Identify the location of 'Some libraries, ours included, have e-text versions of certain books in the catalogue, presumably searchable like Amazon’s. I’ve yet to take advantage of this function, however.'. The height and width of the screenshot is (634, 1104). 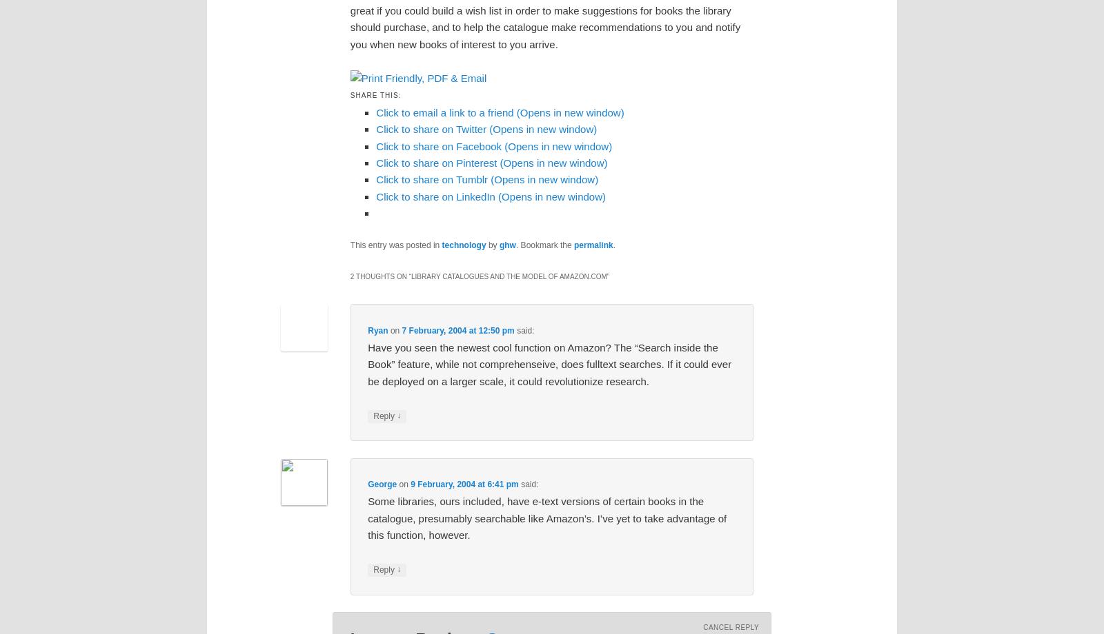
(546, 518).